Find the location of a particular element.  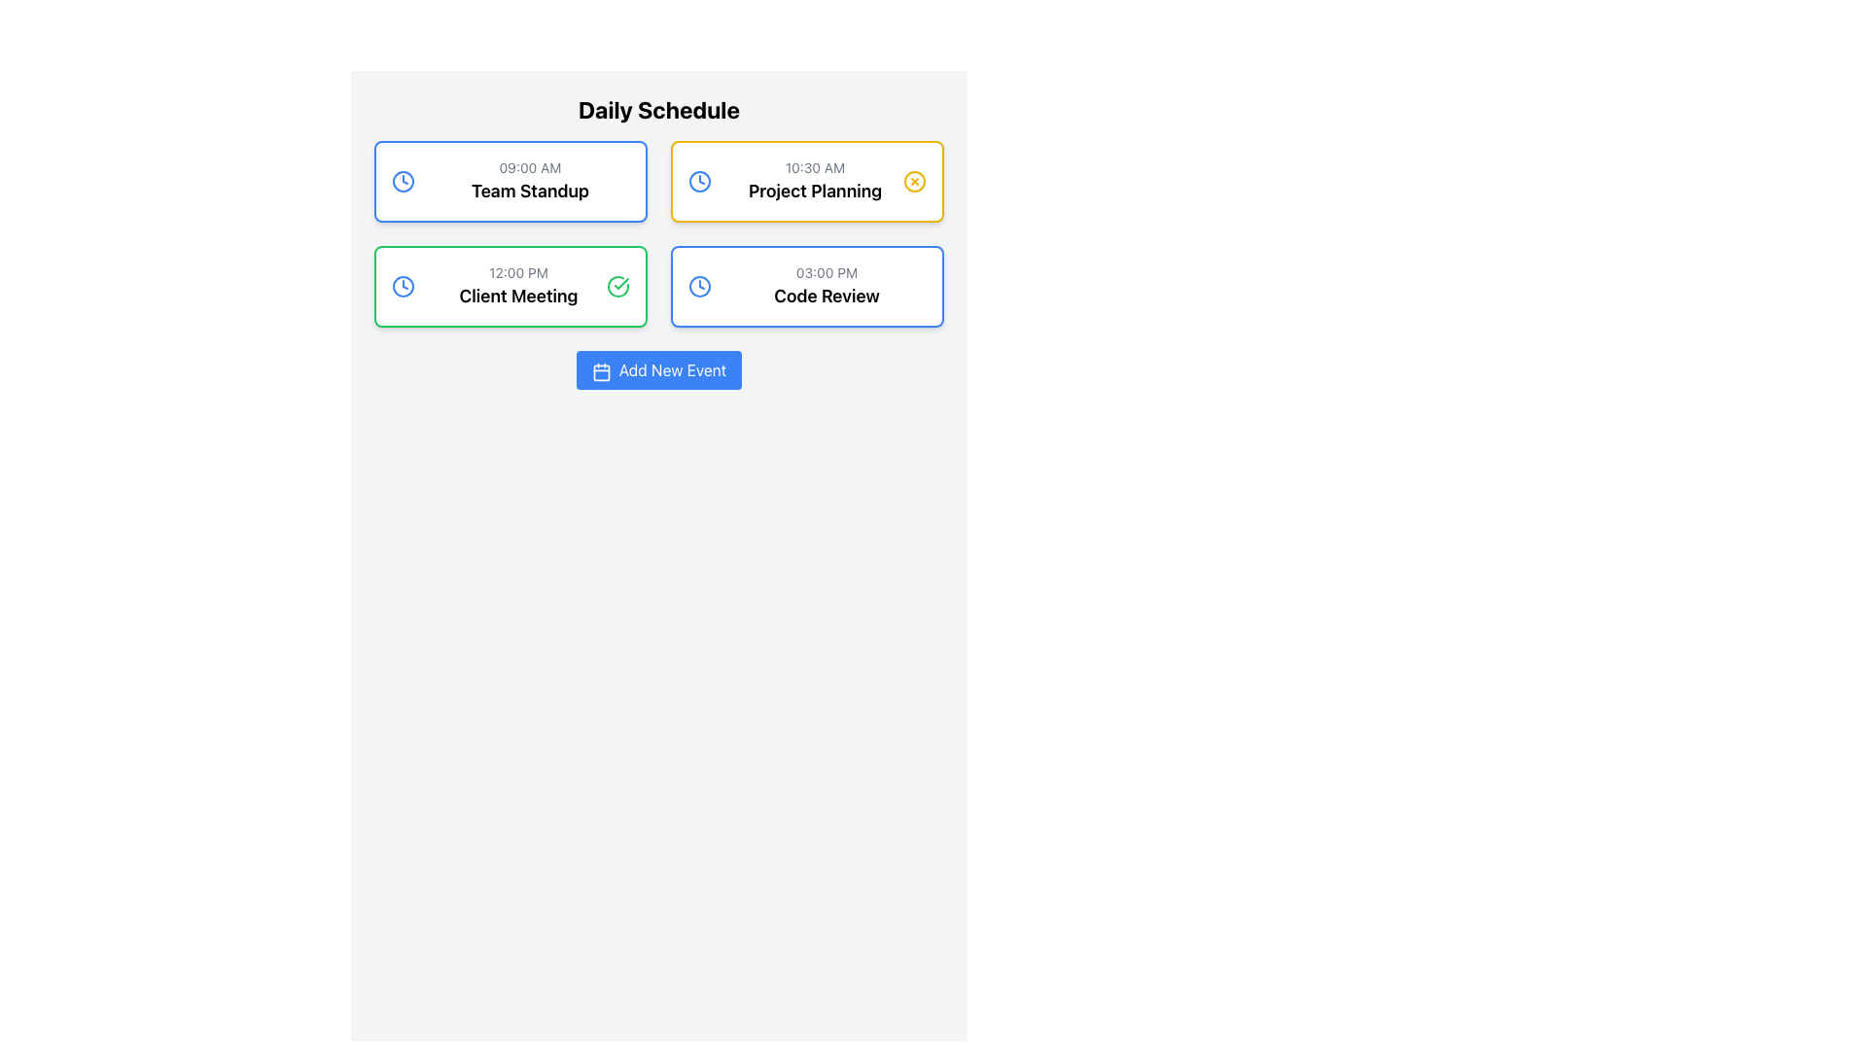

the clock icon representing the scheduled time for the 'Project Planning' event, located at the left side of the card before the text '10:30 AM' is located at coordinates (700, 181).